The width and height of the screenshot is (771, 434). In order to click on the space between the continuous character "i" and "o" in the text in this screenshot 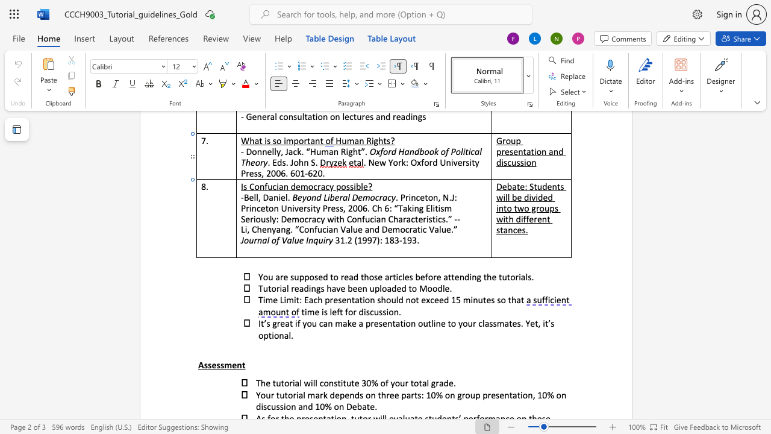, I will do `click(389, 311)`.